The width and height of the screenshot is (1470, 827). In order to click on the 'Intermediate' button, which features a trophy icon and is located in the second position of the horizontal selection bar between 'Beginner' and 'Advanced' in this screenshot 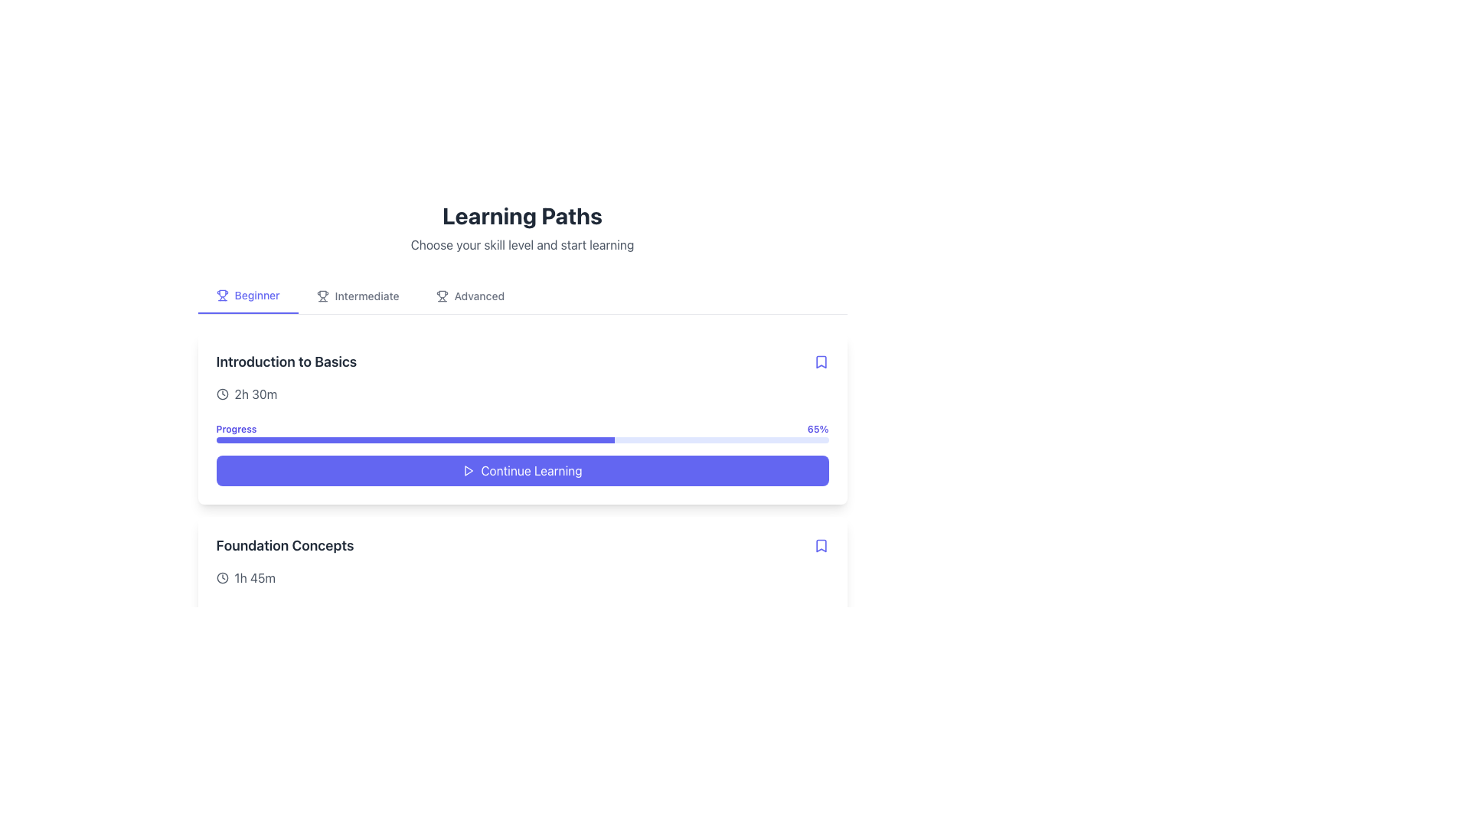, I will do `click(357, 296)`.